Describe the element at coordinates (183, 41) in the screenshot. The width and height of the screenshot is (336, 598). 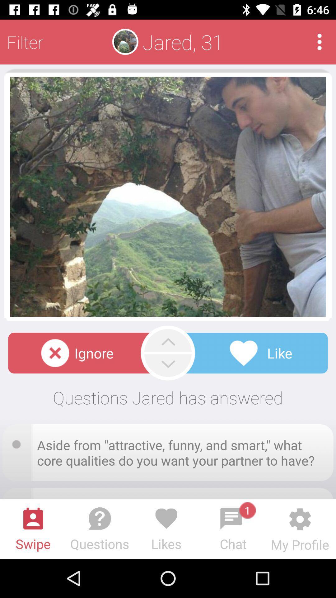
I see `the jared, 31` at that location.